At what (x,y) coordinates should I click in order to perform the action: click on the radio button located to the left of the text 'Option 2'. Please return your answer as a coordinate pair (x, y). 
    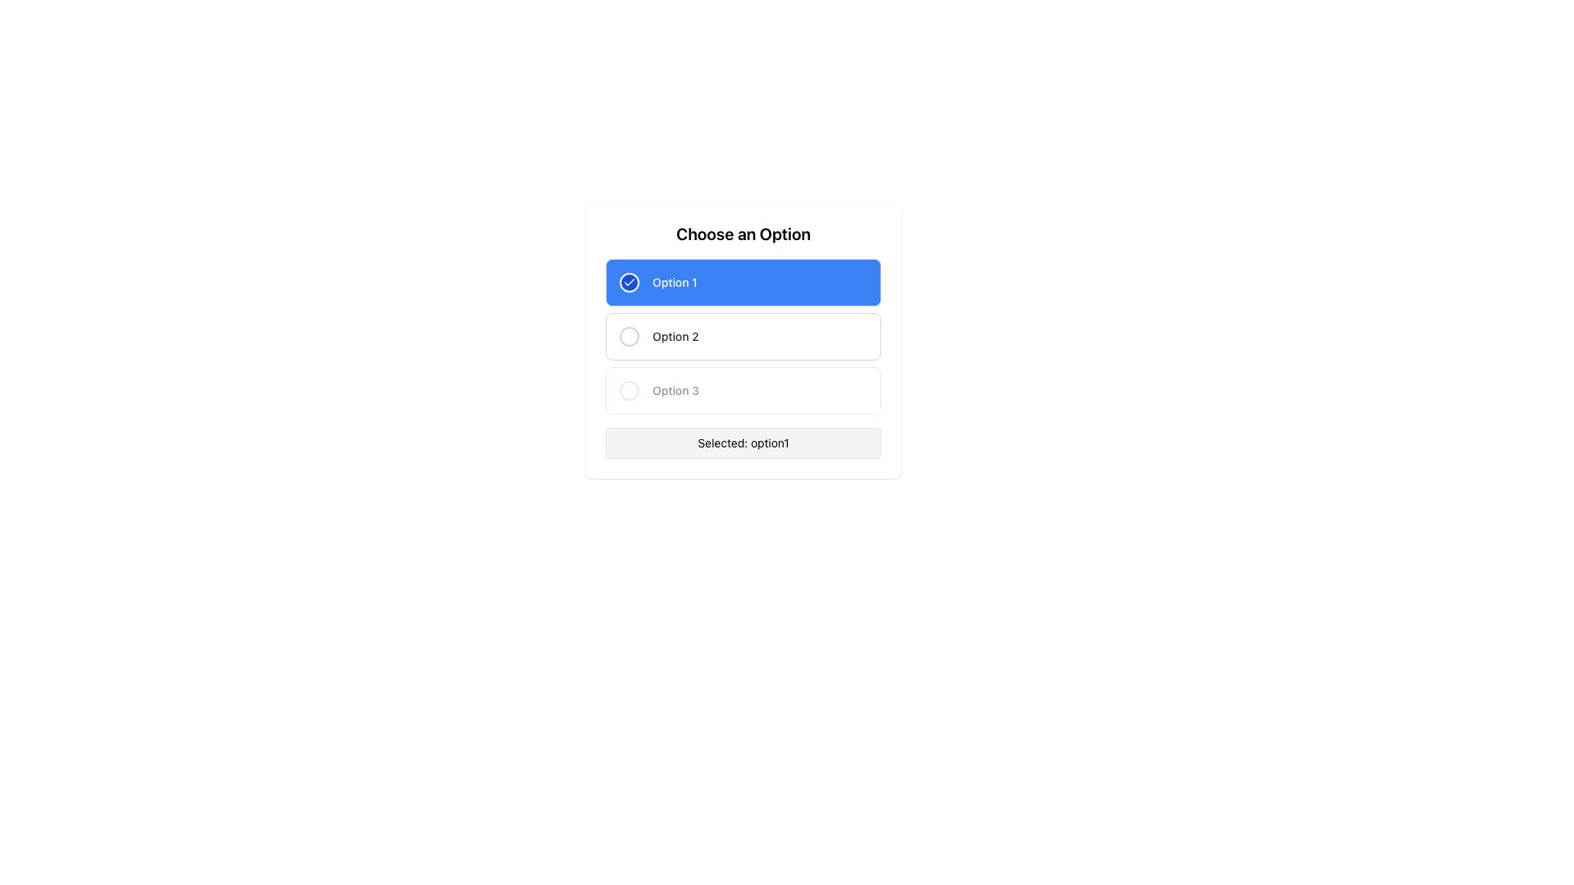
    Looking at the image, I should click on (629, 336).